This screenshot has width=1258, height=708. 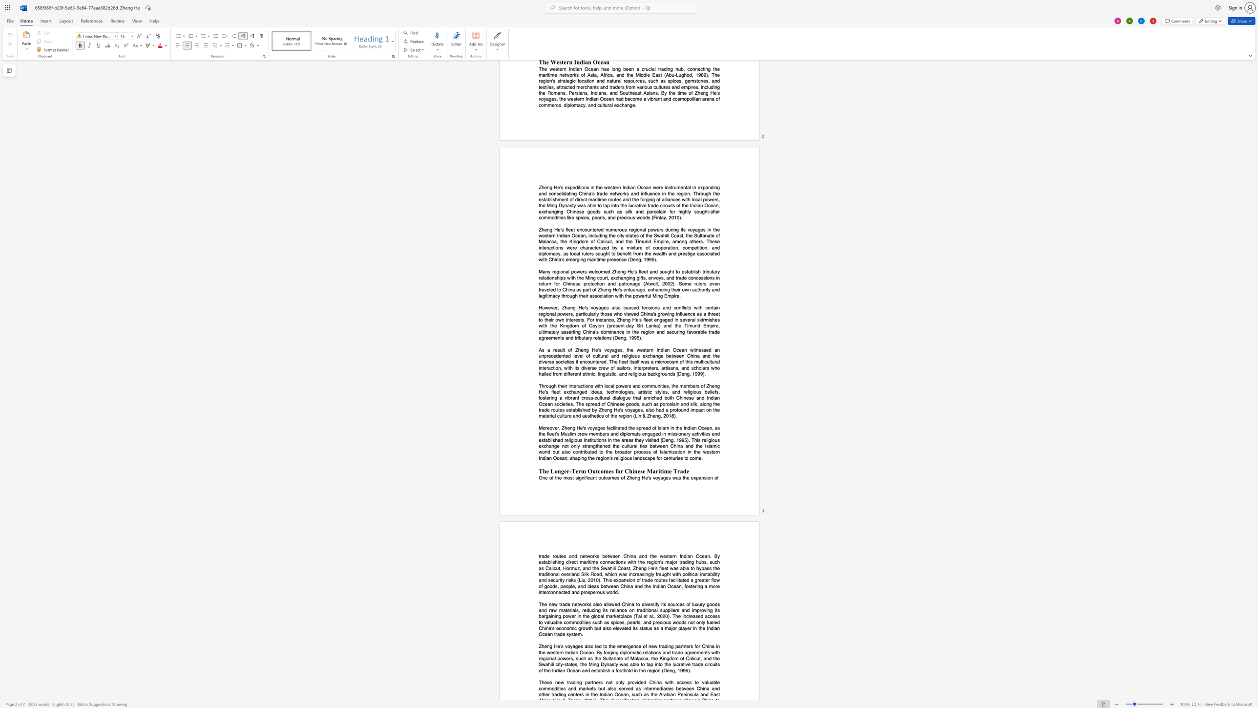 What do you see at coordinates (658, 664) in the screenshot?
I see `the subset text "to the lucrative trade ci" within the text ", and the Swahili city-states, the Ming Dynasty was able to tap into the lucrative trade circuits of the Indian Ocean and"` at bounding box center [658, 664].